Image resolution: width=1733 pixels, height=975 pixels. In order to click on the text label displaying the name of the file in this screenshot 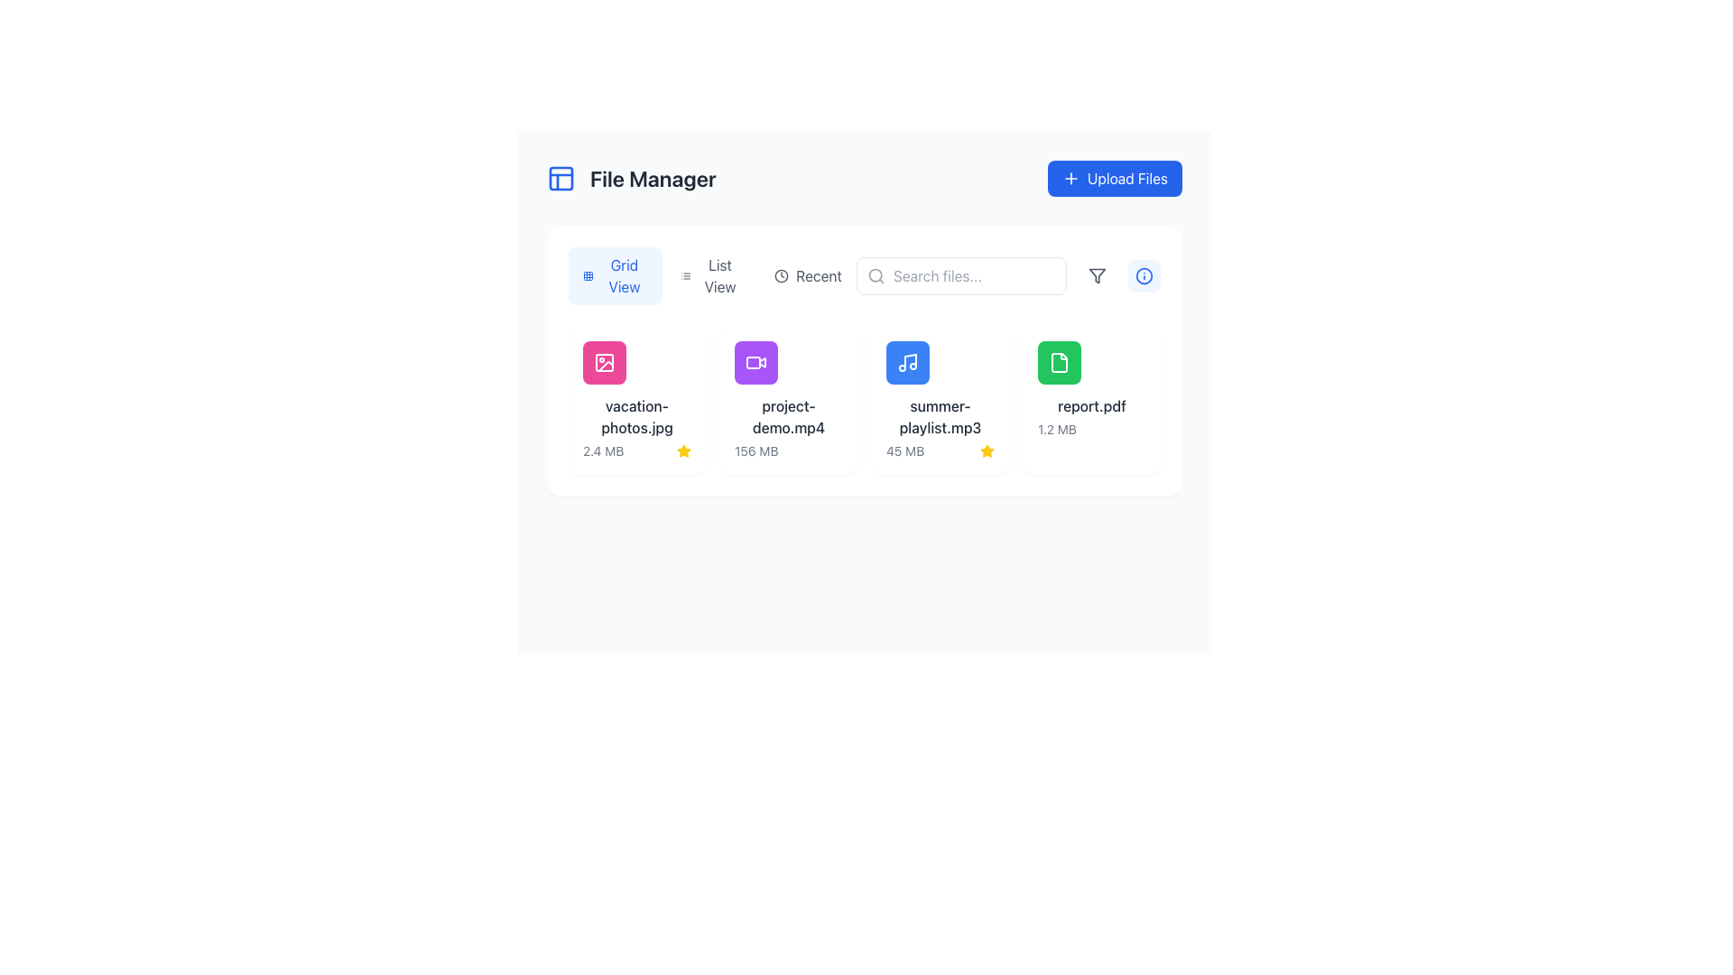, I will do `click(636, 417)`.